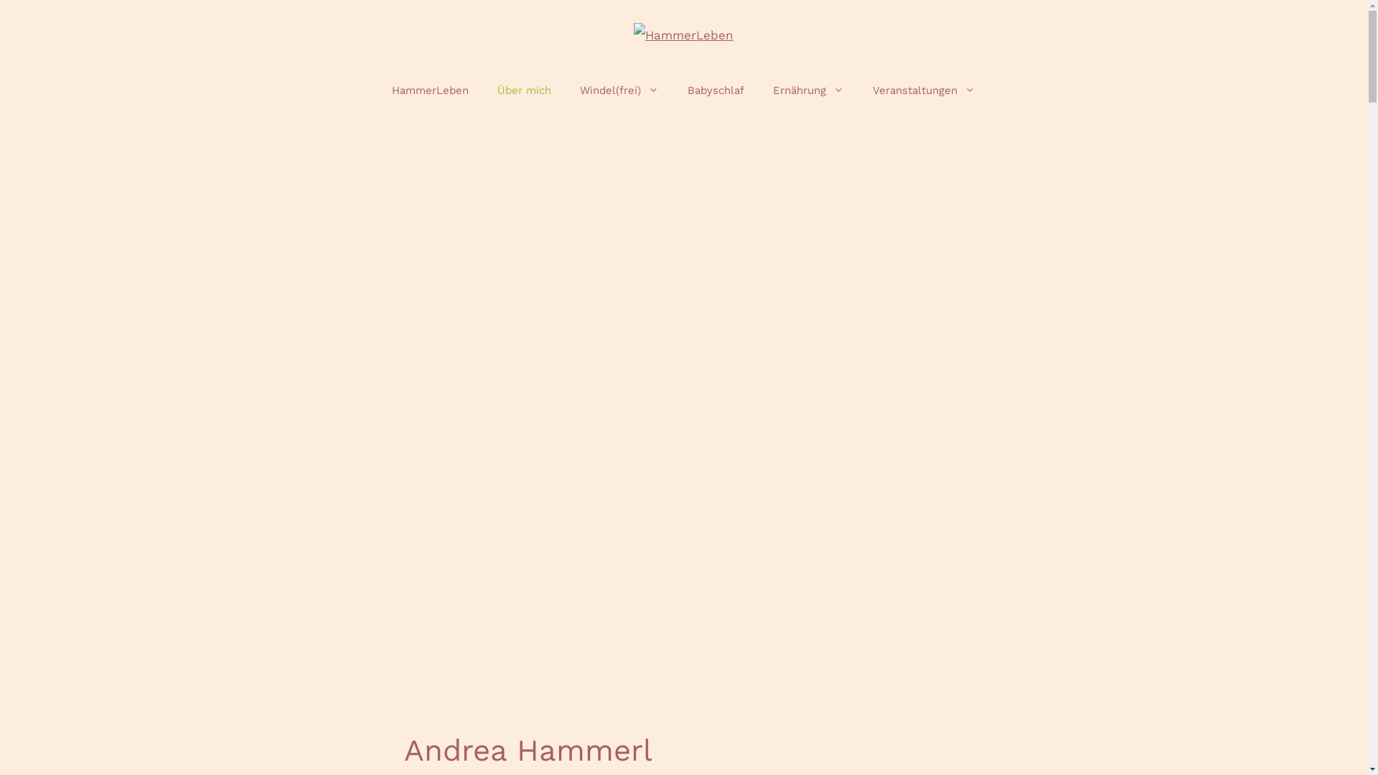 The width and height of the screenshot is (1378, 775). I want to click on 'HammerLeben', so click(429, 90).